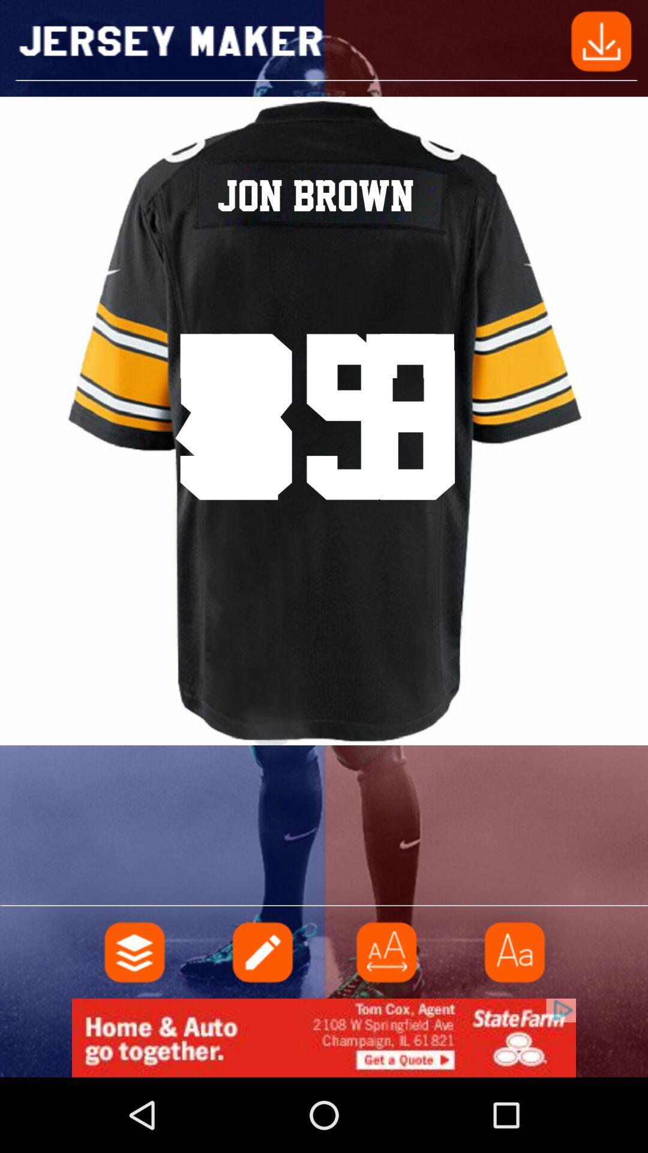  Describe the element at coordinates (134, 951) in the screenshot. I see `options` at that location.